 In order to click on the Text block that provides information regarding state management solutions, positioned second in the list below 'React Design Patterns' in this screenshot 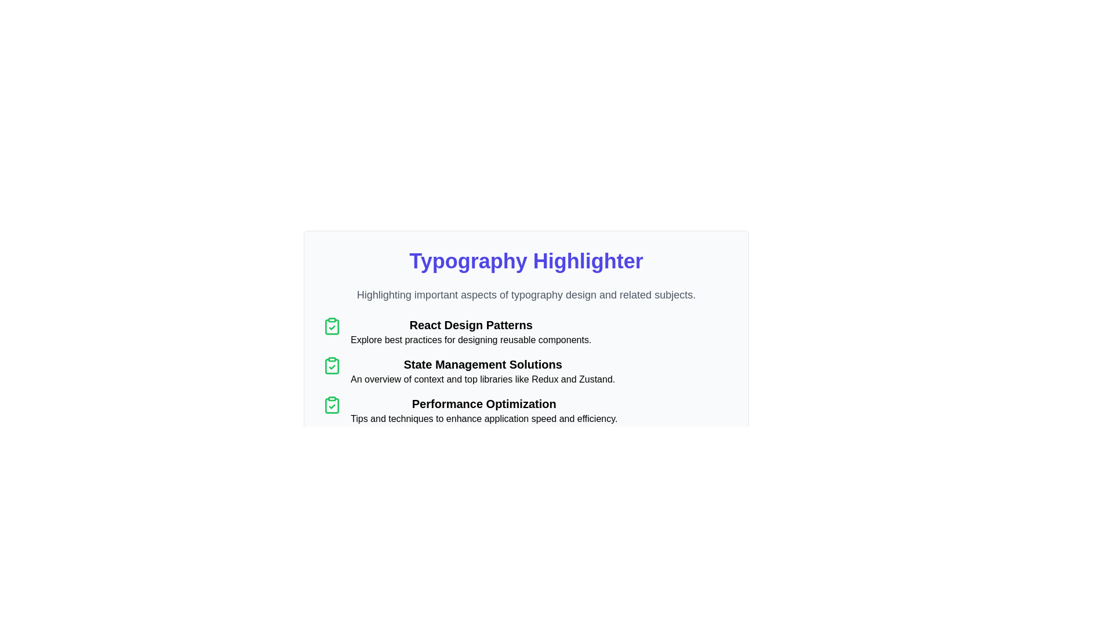, I will do `click(483, 371)`.